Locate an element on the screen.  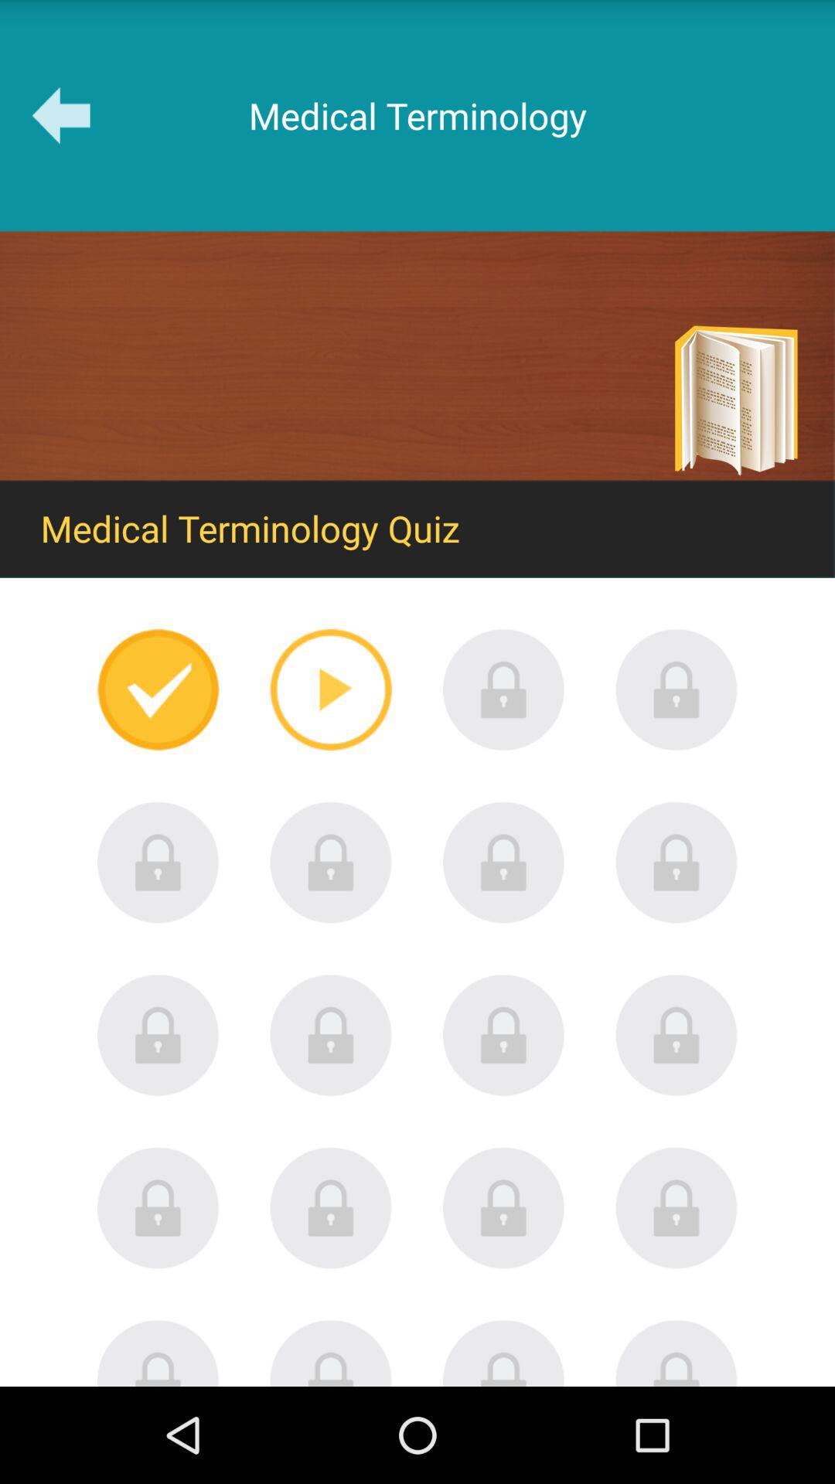
you passed is located at coordinates (158, 689).